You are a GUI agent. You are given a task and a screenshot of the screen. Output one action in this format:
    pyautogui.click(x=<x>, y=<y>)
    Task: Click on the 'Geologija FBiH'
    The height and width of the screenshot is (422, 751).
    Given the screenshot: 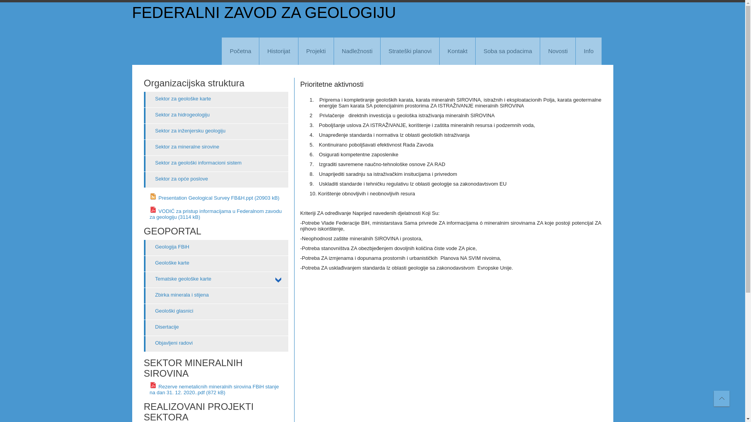 What is the action you would take?
    pyautogui.click(x=216, y=247)
    